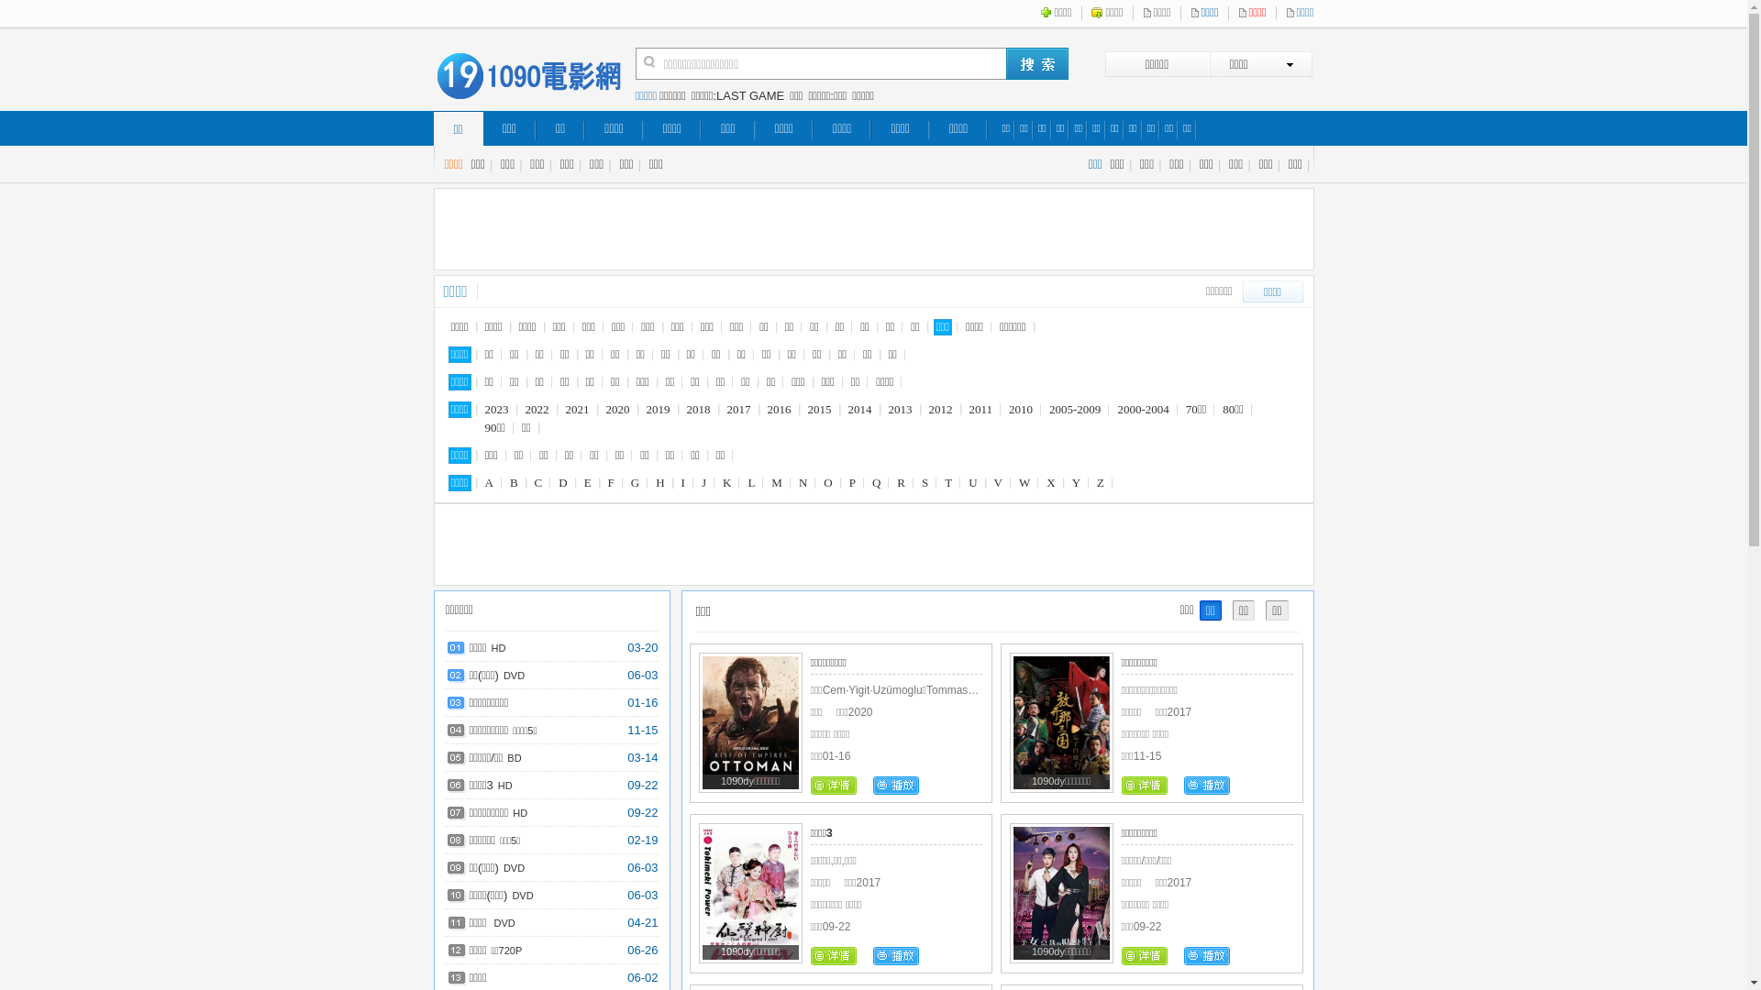 The width and height of the screenshot is (1761, 990). I want to click on 'B', so click(514, 482).